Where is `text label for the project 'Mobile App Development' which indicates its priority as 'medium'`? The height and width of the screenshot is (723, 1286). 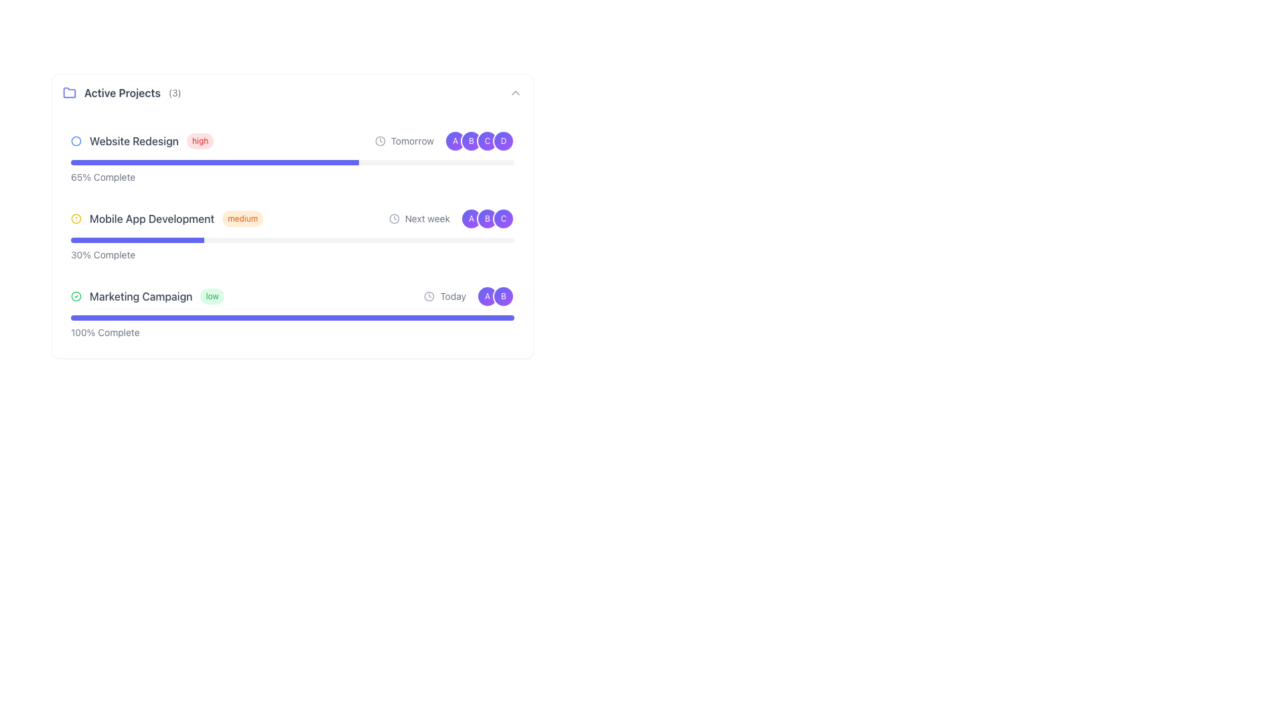 text label for the project 'Mobile App Development' which indicates its priority as 'medium' is located at coordinates (230, 218).